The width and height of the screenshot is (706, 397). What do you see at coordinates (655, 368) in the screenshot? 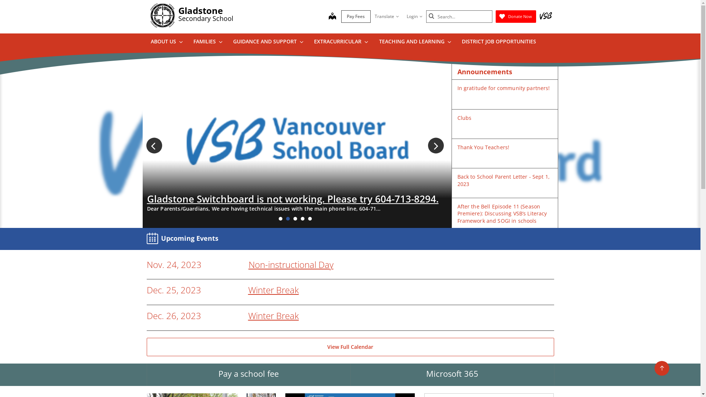
I see `'Go to top'` at bounding box center [655, 368].